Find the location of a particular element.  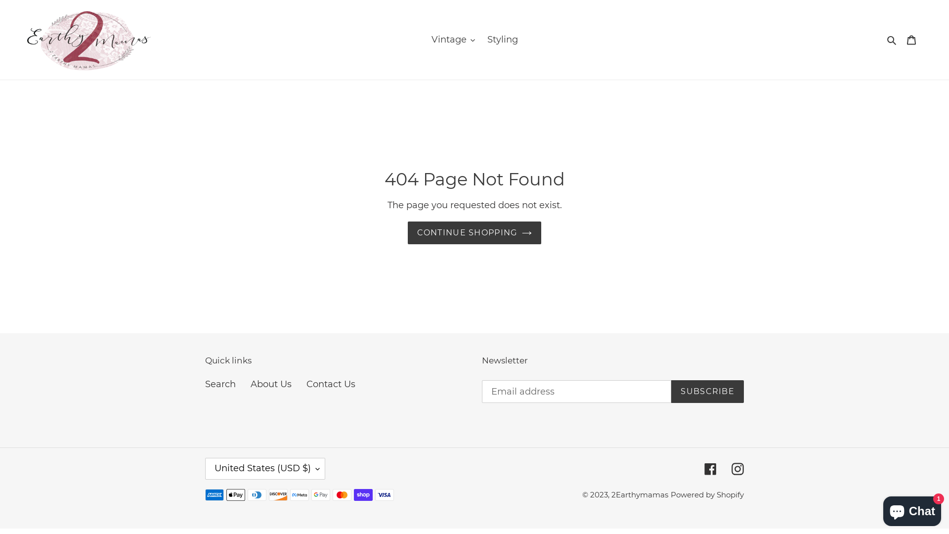

'Styling' is located at coordinates (482, 39).